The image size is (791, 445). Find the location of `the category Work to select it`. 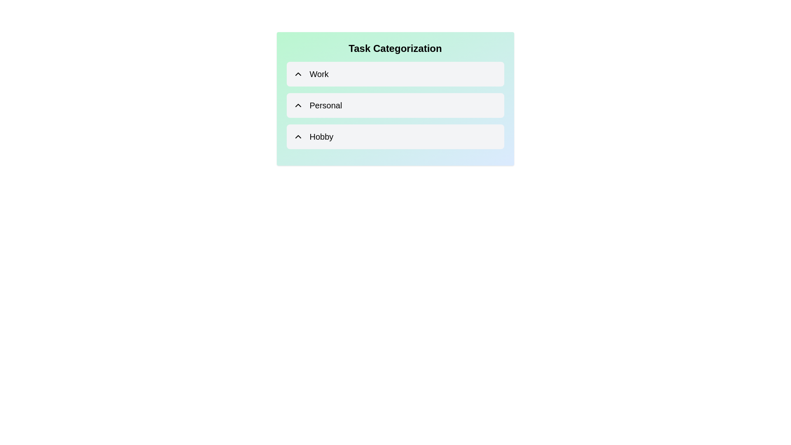

the category Work to select it is located at coordinates (395, 74).